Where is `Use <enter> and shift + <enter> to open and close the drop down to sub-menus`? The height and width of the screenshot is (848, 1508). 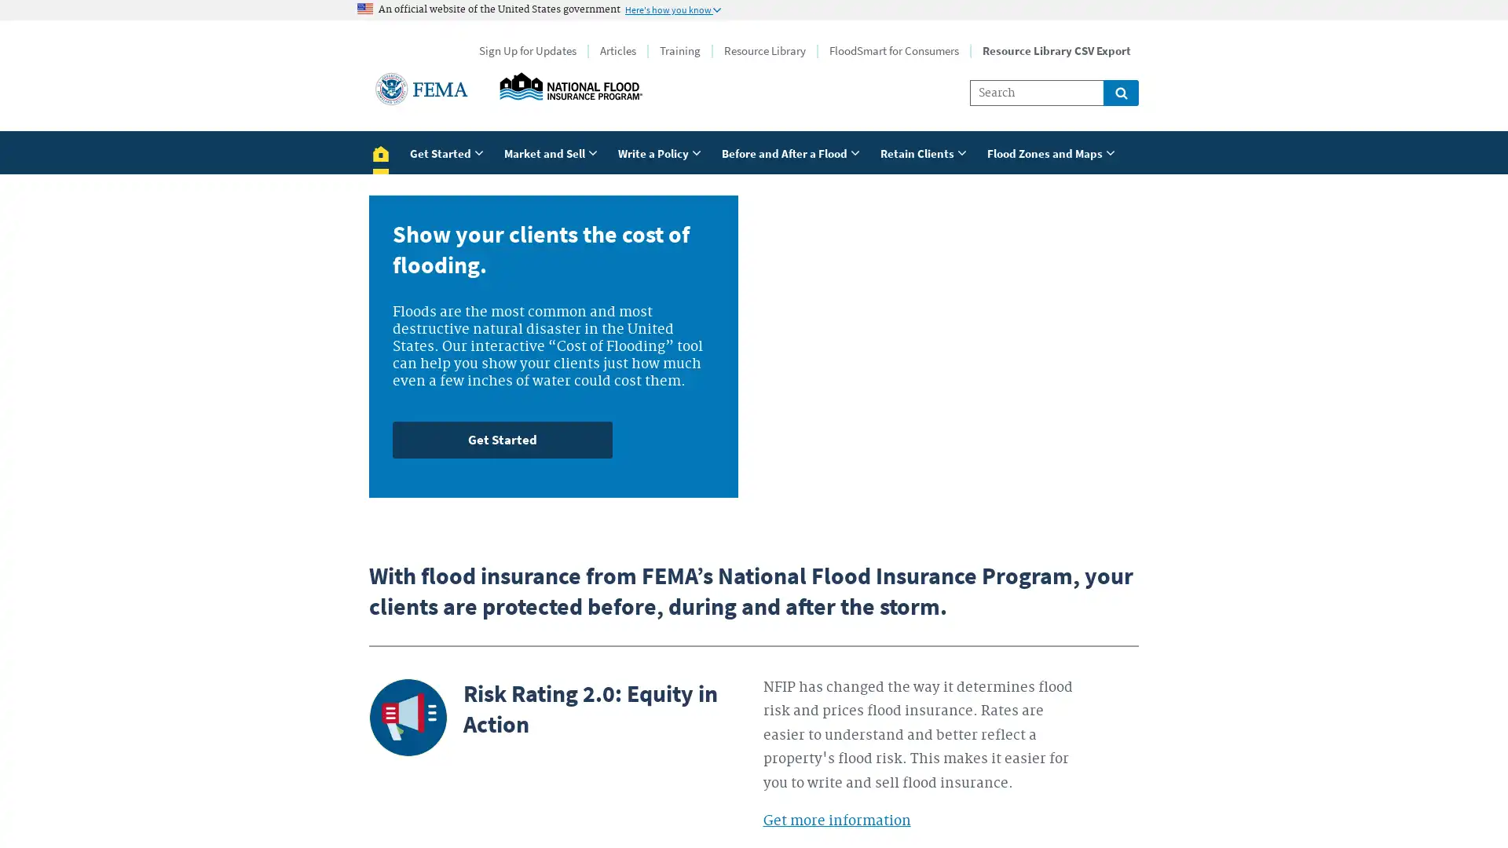 Use <enter> and shift + <enter> to open and close the drop down to sub-menus is located at coordinates (448, 152).